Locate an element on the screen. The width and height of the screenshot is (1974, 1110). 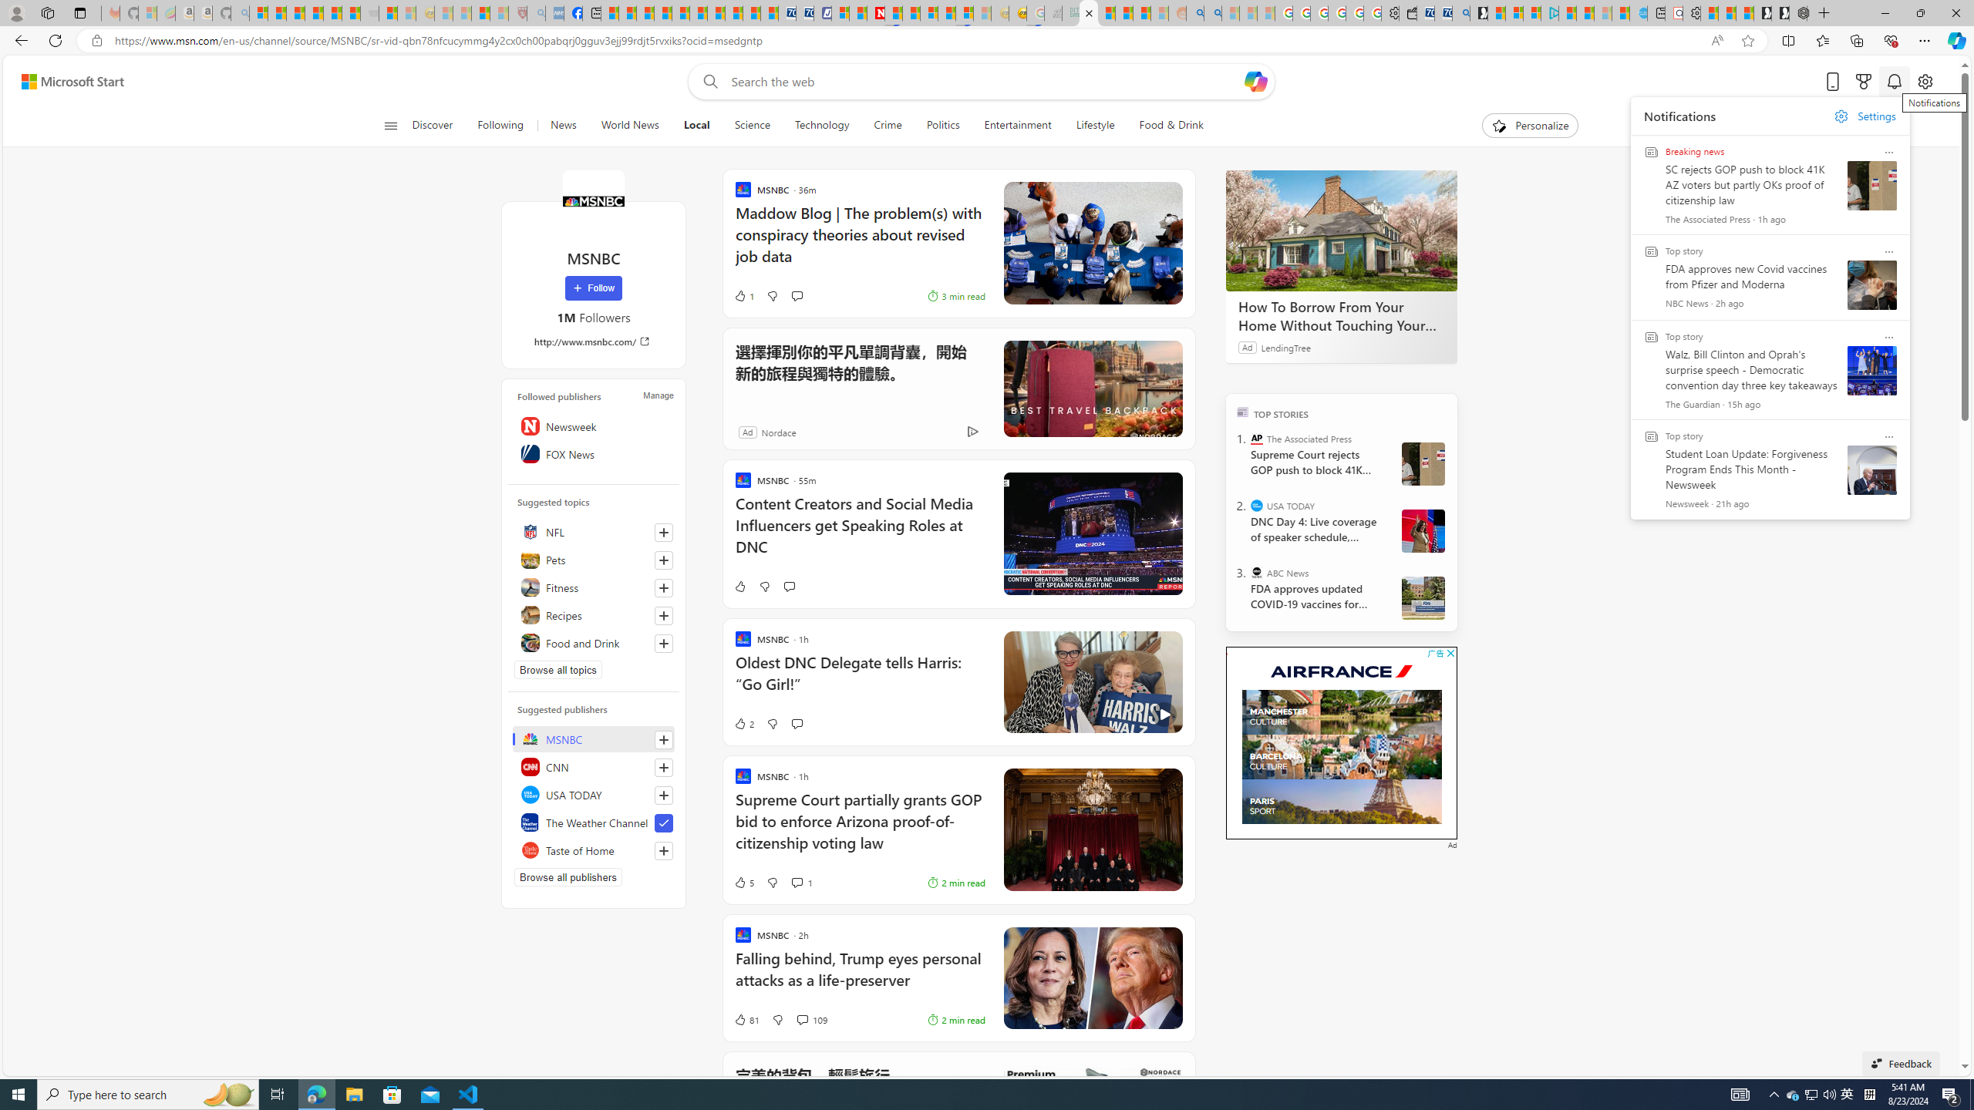
'Recipes - MSN - Sleeping' is located at coordinates (443, 12).